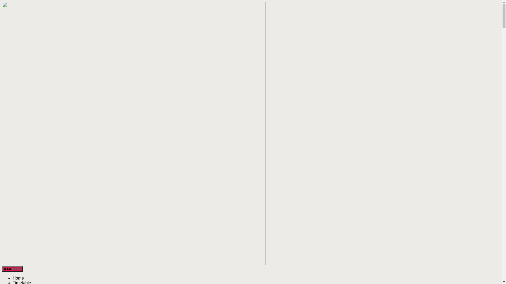  I want to click on 'Home', so click(18, 278).